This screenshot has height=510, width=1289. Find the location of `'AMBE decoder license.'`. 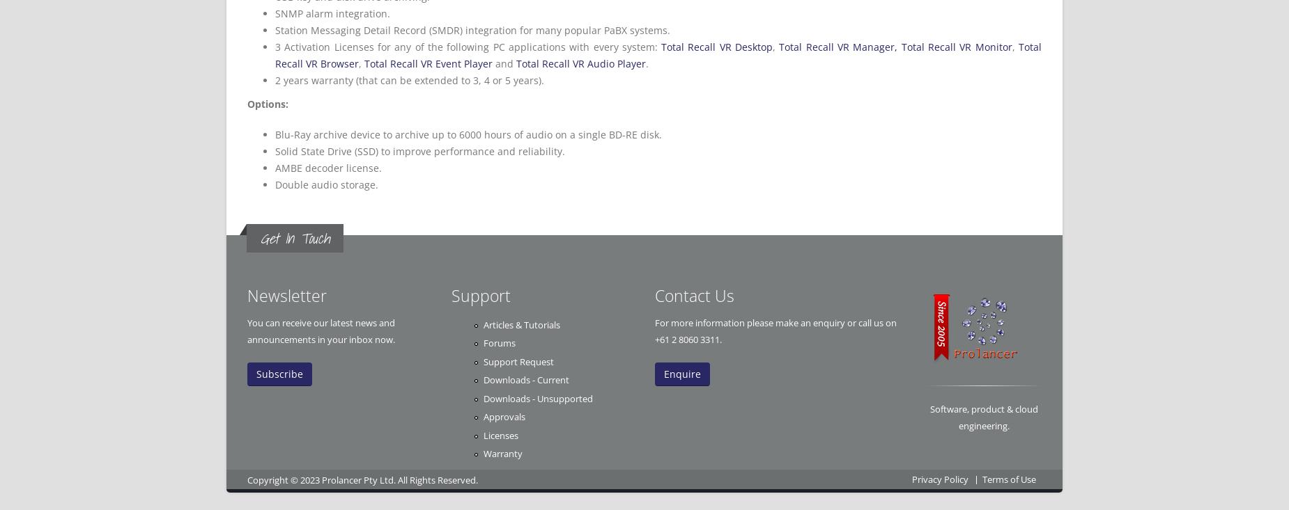

'AMBE decoder license.' is located at coordinates (328, 168).